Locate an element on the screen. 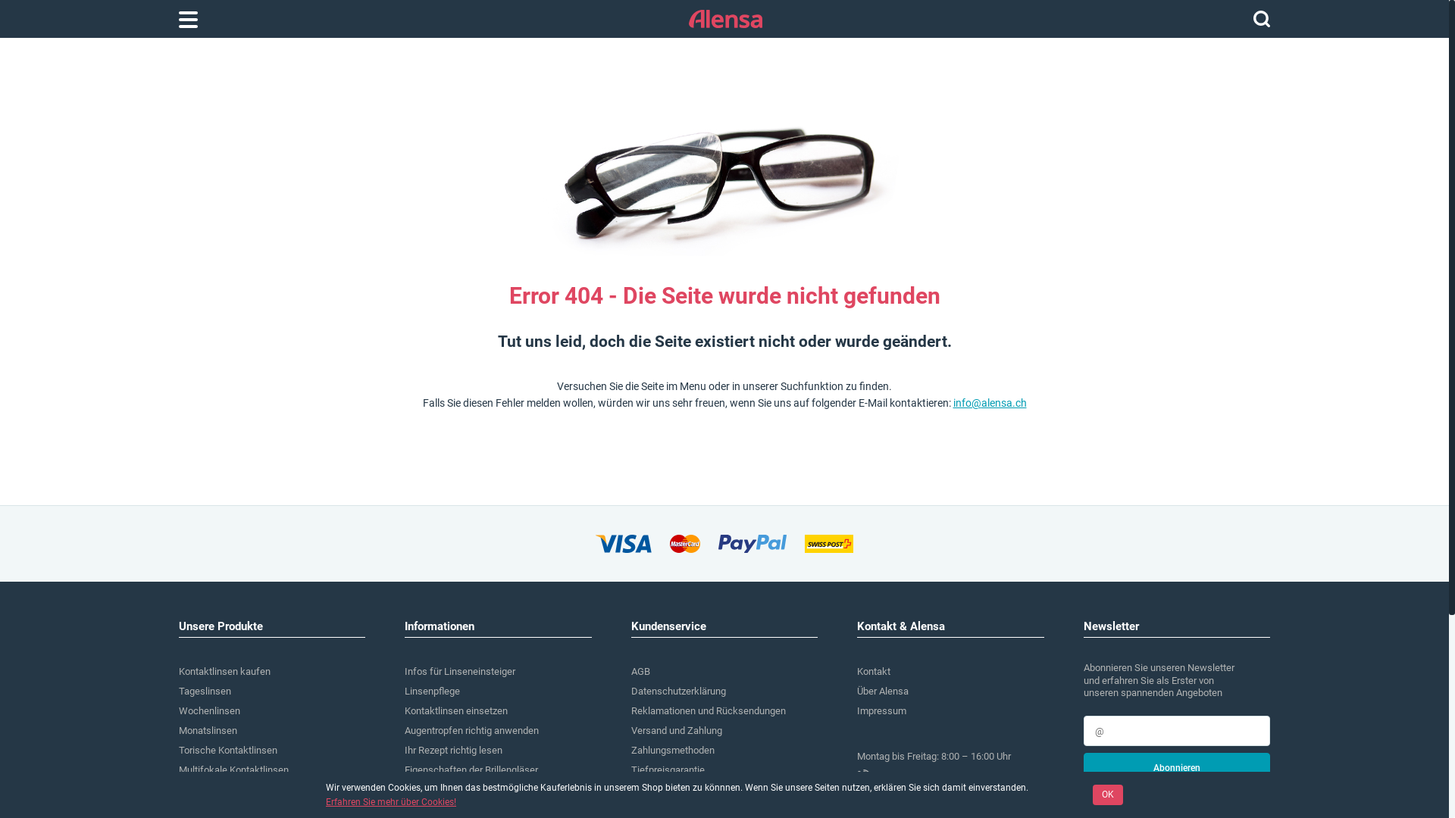 This screenshot has height=818, width=1455. 'Kontaktlinsen kaufen' is located at coordinates (178, 670).